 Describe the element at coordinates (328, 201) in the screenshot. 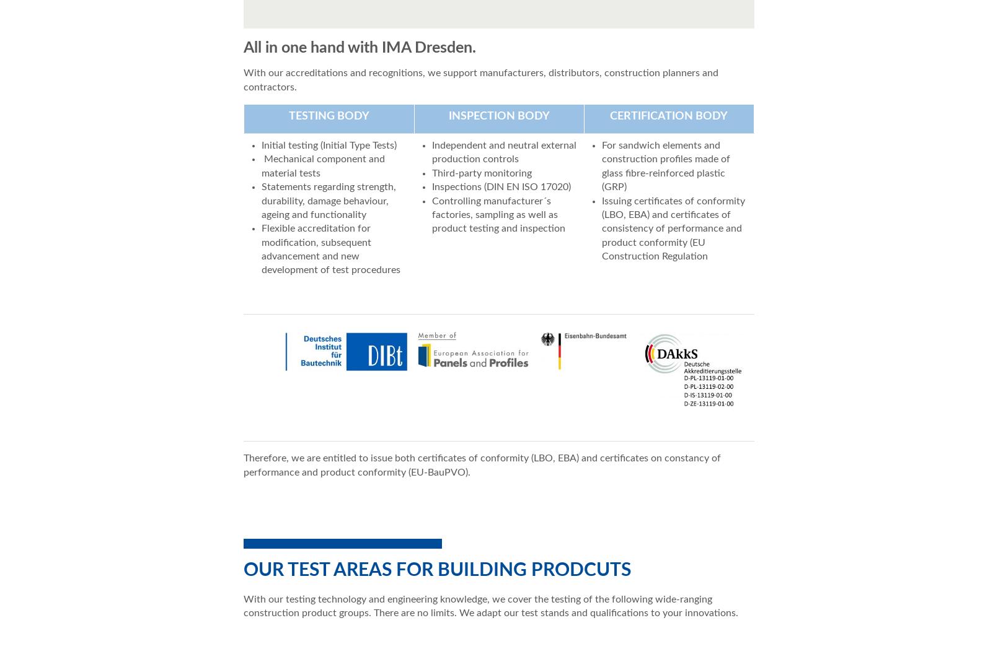

I see `'Statements regarding strength, durability, damage behaviour, ageing and functionality'` at that location.